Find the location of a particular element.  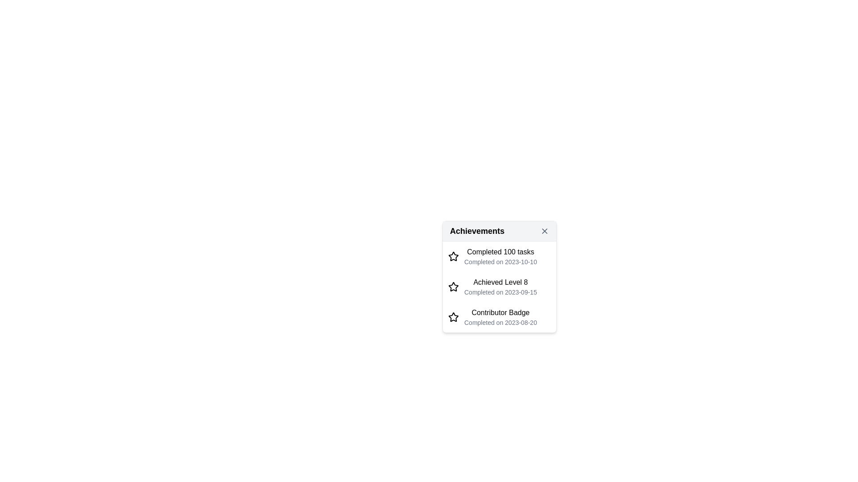

the second list item in the 'Achievements' modal that displays the achievement 'Achieved Level 8' with a star icon on the left is located at coordinates (499, 287).